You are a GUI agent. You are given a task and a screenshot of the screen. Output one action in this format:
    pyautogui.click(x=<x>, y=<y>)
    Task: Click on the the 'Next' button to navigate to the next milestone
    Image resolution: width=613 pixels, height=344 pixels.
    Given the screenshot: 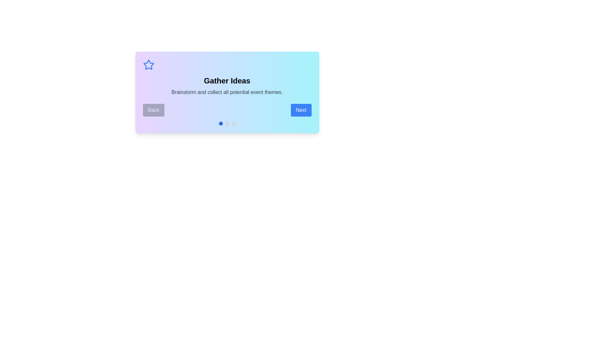 What is the action you would take?
    pyautogui.click(x=300, y=110)
    